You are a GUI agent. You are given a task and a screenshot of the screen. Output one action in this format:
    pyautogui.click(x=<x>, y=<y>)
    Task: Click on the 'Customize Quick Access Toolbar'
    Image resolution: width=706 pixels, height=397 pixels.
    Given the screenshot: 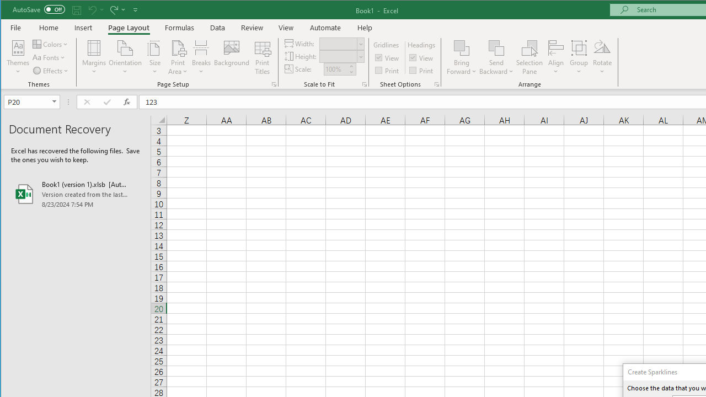 What is the action you would take?
    pyautogui.click(x=135, y=9)
    